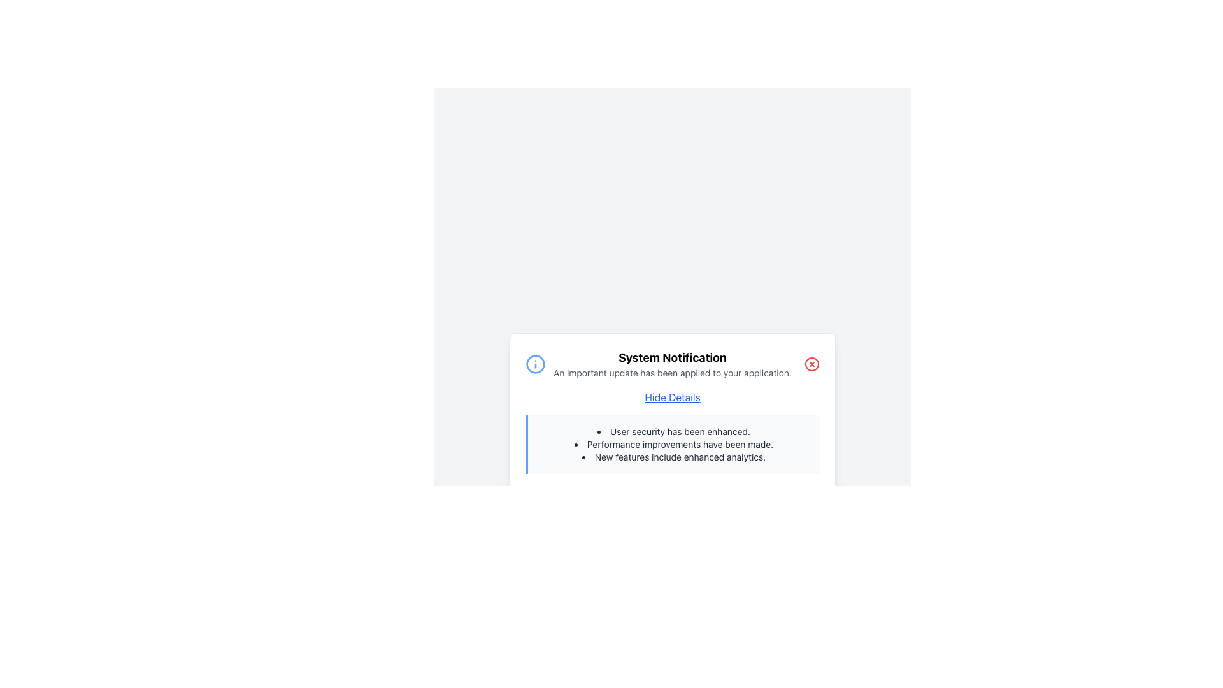  I want to click on the bulleted list of updates in the notification box to focus on it, so click(673, 444).